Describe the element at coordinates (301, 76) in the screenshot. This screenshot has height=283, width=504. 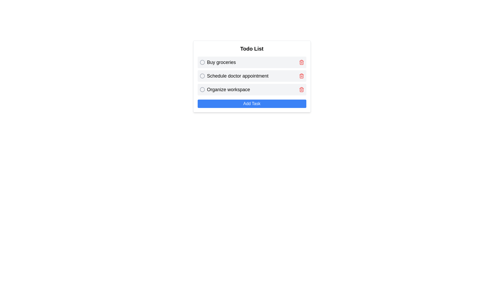
I see `the red trash bin icon located to the right of the text 'Schedule doctor appointment' to change its color` at that location.